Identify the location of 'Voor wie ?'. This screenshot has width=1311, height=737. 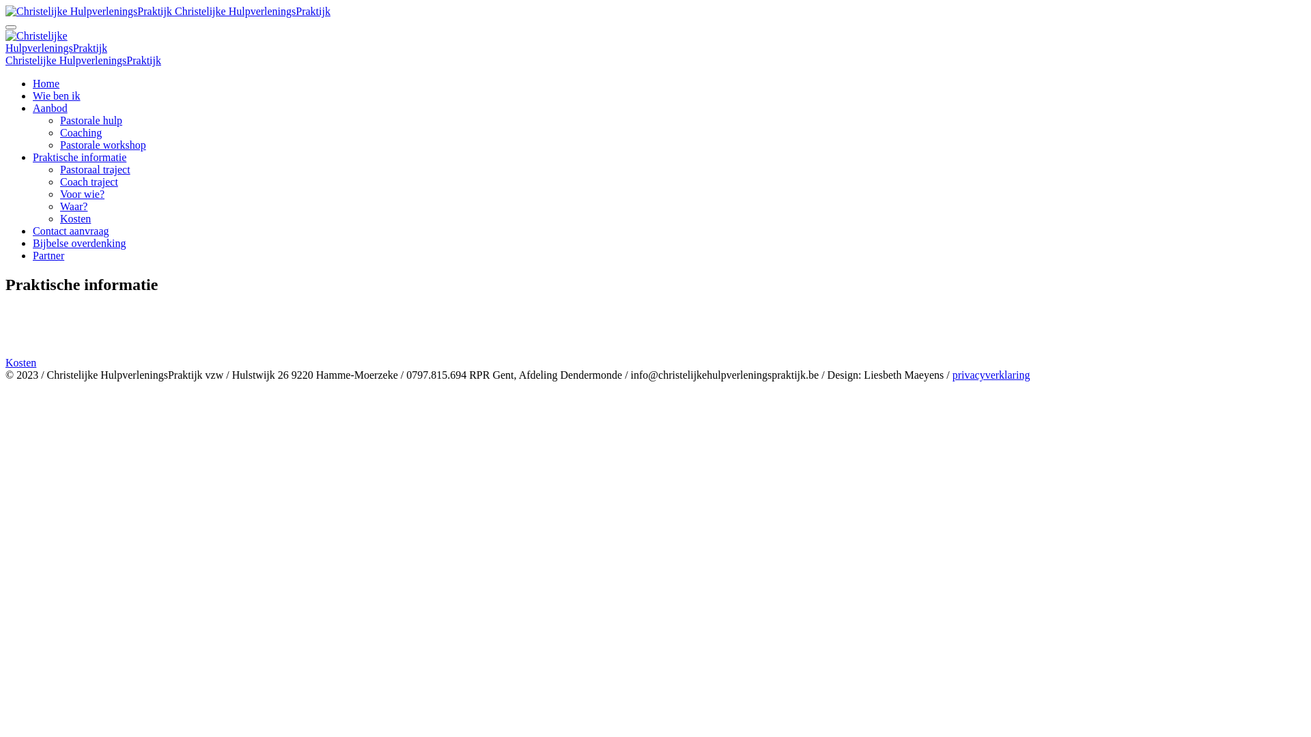
(5, 338).